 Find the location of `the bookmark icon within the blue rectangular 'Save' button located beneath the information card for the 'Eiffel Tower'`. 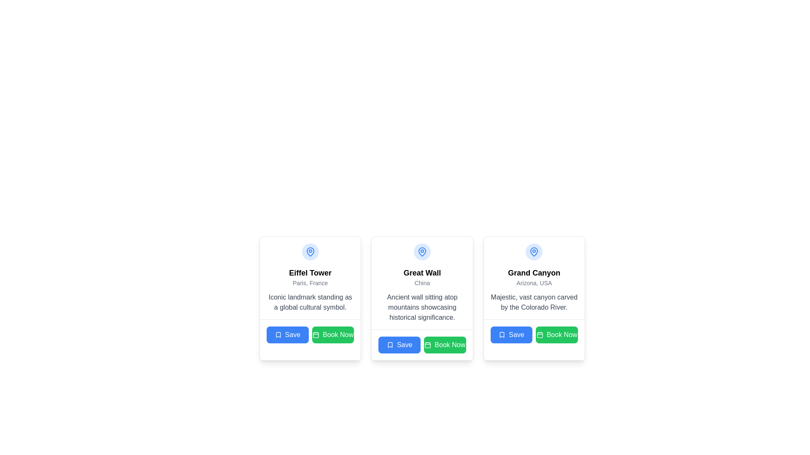

the bookmark icon within the blue rectangular 'Save' button located beneath the information card for the 'Eiffel Tower' is located at coordinates (278, 334).